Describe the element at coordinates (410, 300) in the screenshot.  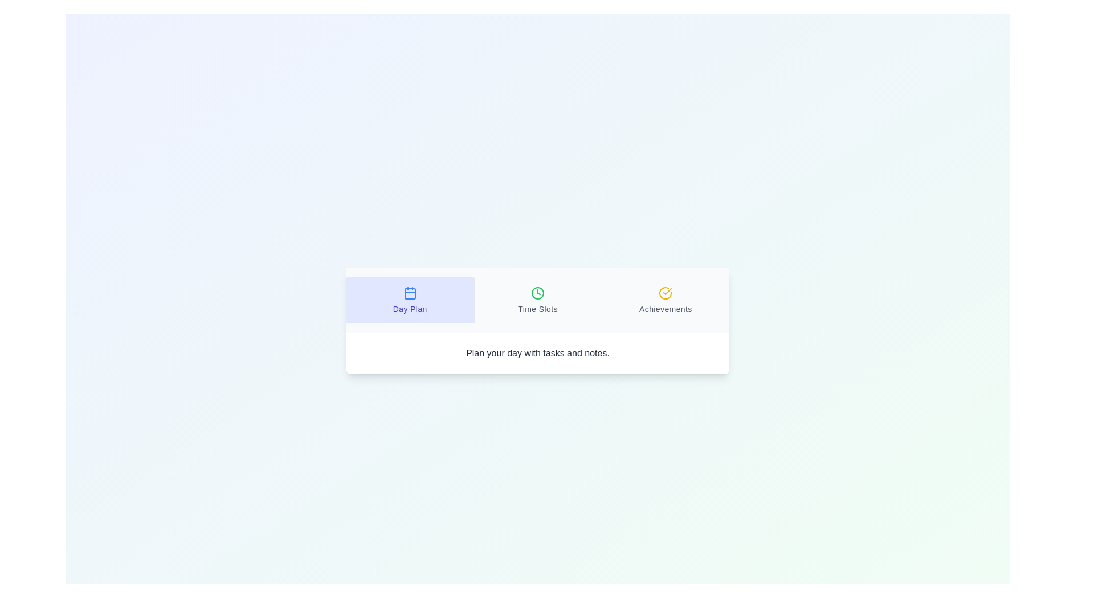
I see `the tab labeled Day Plan to observe visual changes` at that location.